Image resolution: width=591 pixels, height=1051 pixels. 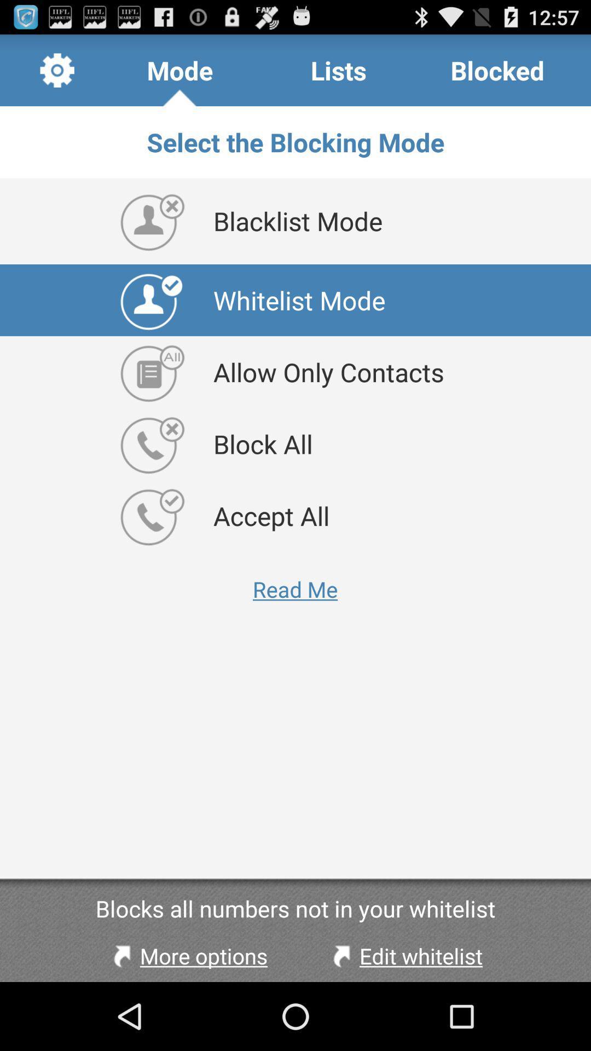 I want to click on blocked item, so click(x=497, y=70).